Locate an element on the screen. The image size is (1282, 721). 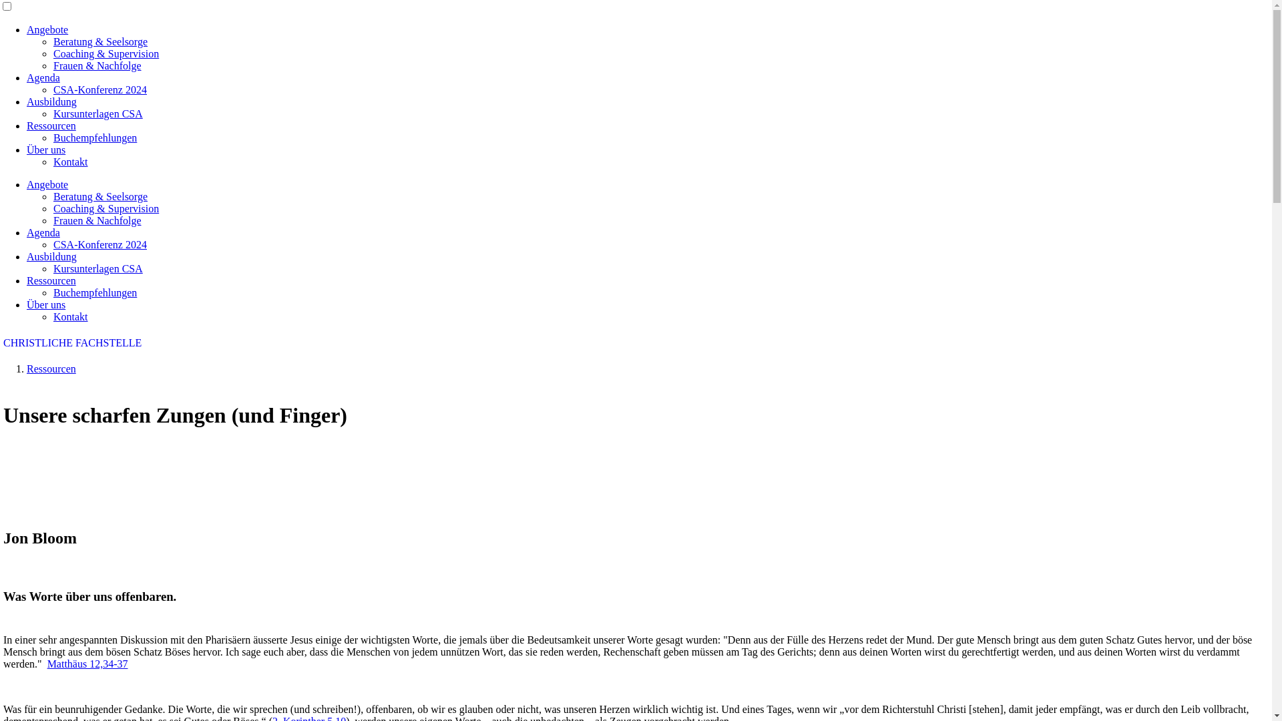
'Agenda' is located at coordinates (43, 232).